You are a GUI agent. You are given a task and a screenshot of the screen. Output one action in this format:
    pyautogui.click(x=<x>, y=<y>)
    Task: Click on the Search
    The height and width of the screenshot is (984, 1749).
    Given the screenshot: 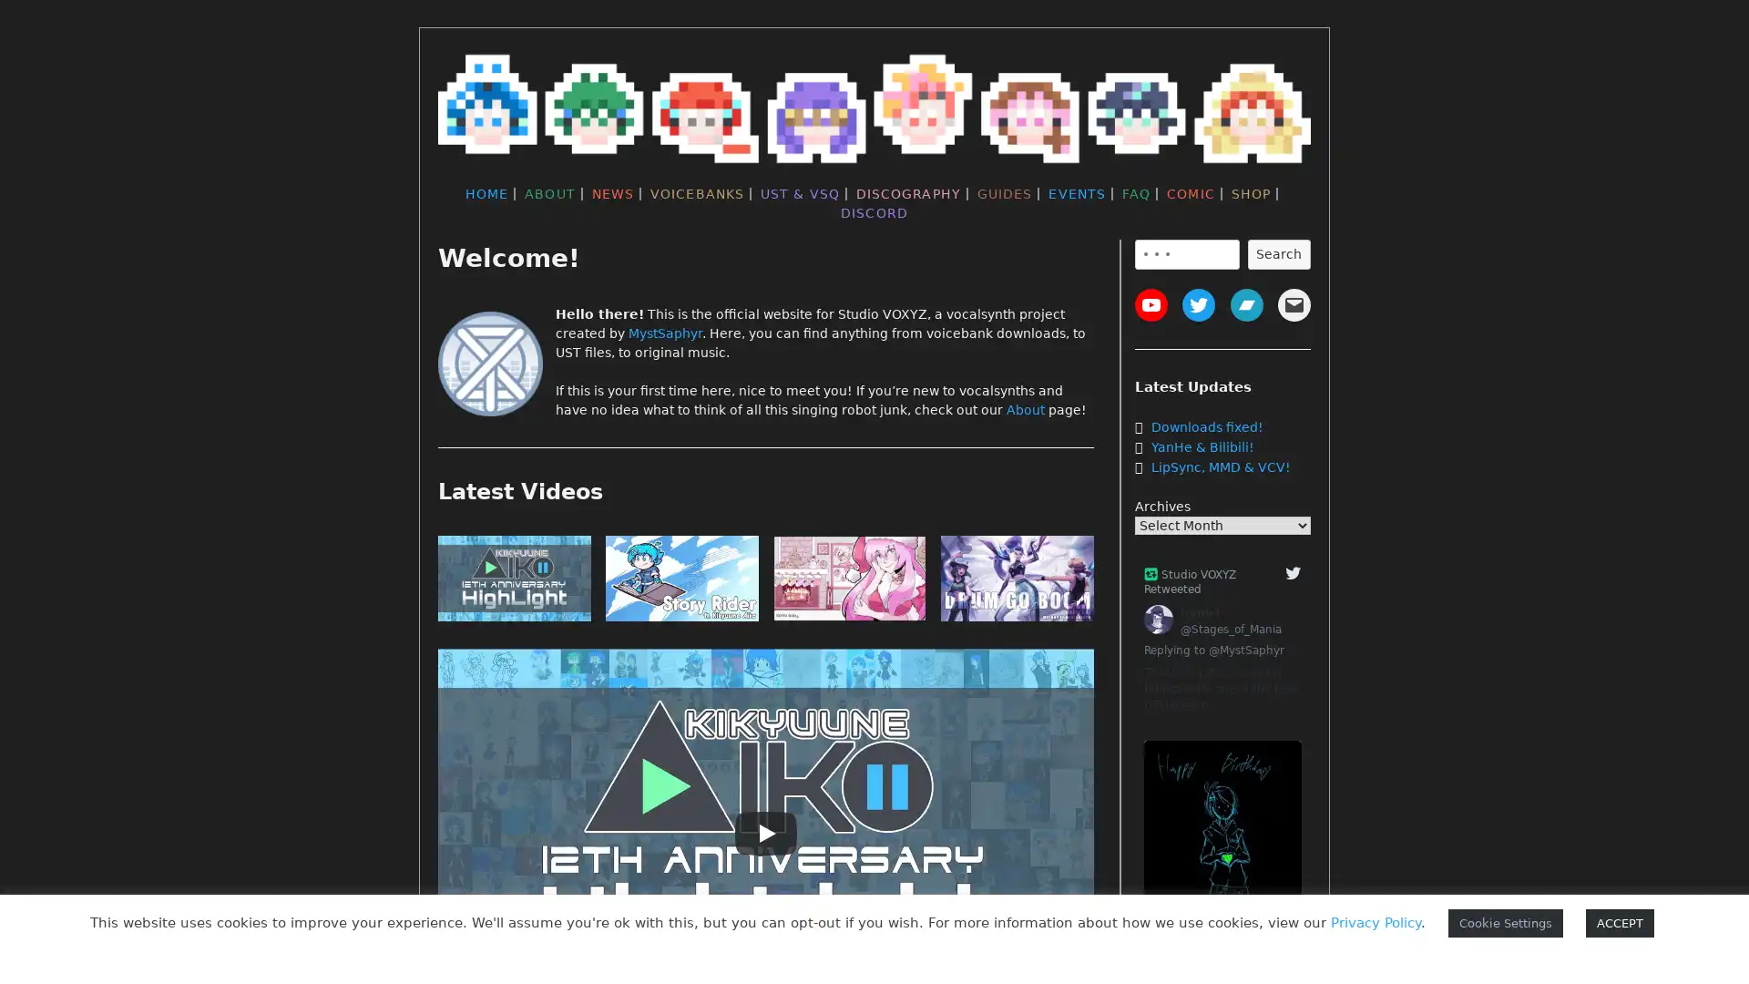 What is the action you would take?
    pyautogui.click(x=1277, y=253)
    